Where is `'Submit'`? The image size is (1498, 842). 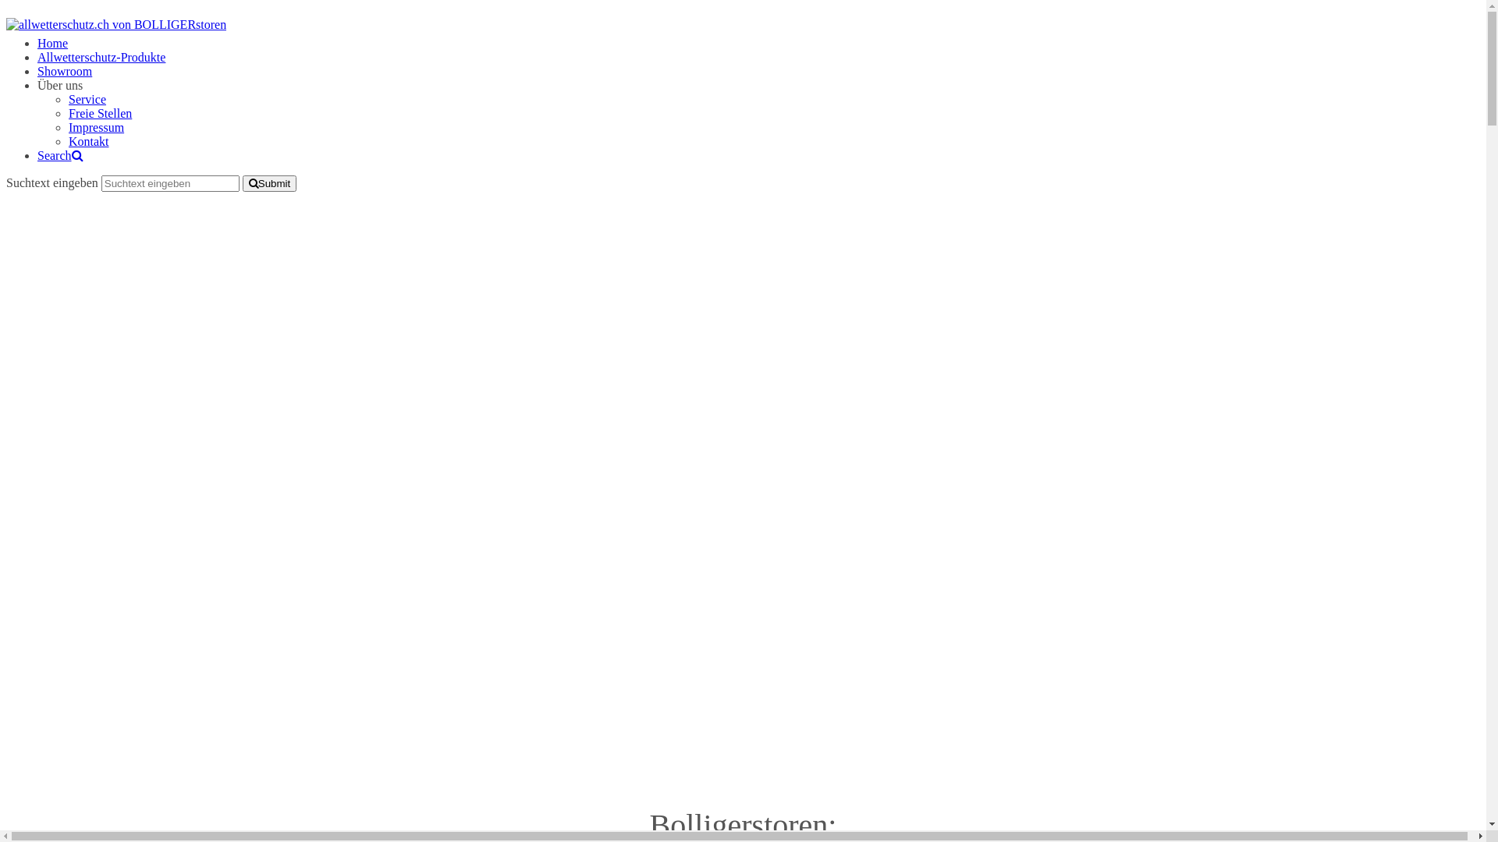
'Submit' is located at coordinates (269, 182).